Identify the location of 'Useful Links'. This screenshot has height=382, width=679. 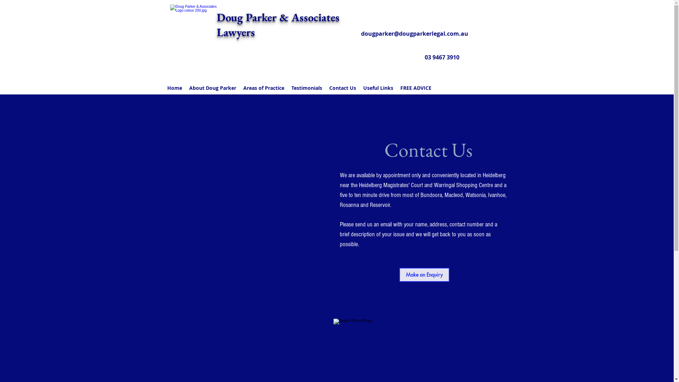
(377, 88).